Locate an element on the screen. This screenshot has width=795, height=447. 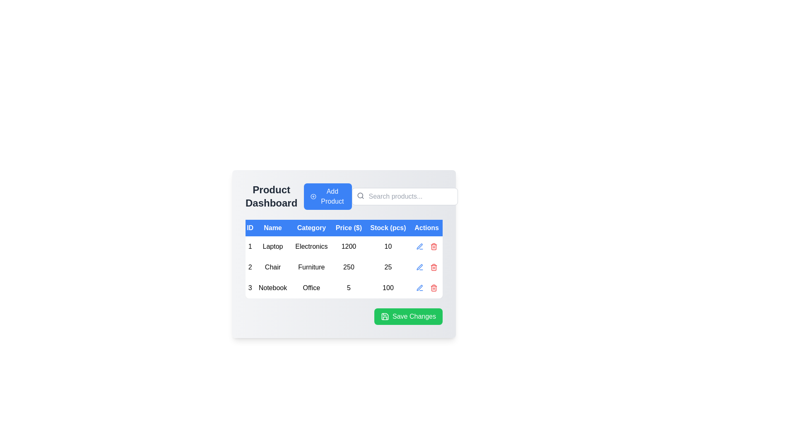
the delete button SVG icon located in the third row under the 'Actions' column of the table is located at coordinates (433, 246).